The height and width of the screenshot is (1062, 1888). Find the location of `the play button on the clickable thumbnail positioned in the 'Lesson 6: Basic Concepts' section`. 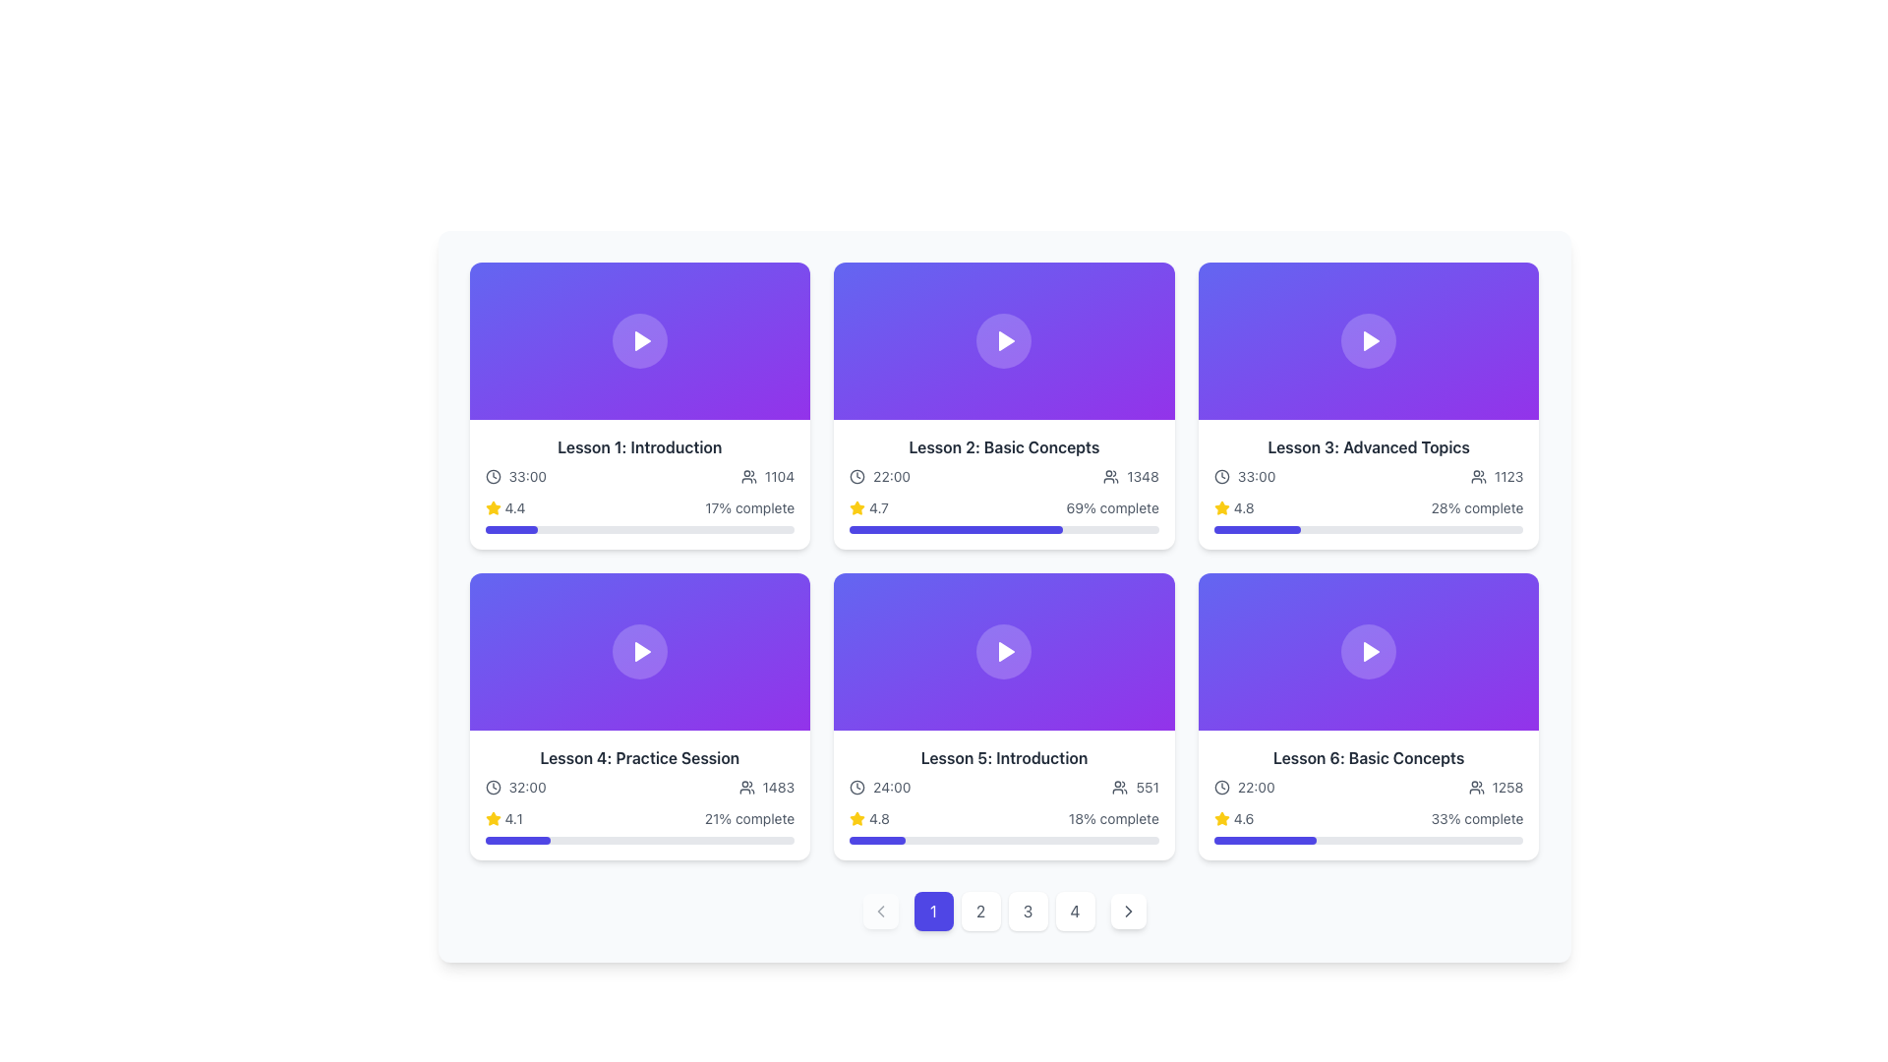

the play button on the clickable thumbnail positioned in the 'Lesson 6: Basic Concepts' section is located at coordinates (1368, 652).